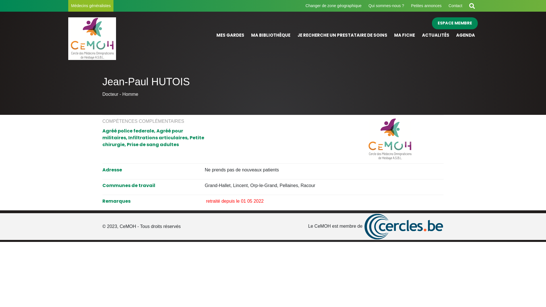  Describe the element at coordinates (230, 35) in the screenshot. I see `'MES GARDES'` at that location.